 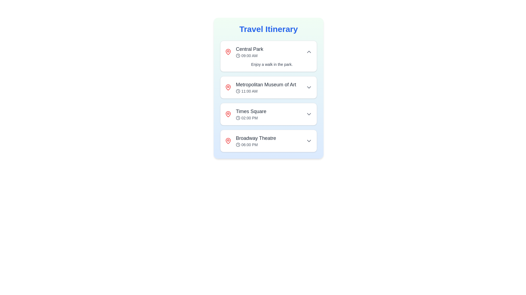 I want to click on the decorative SVG circle shape representing a clock icon, located within the travel itinerary layout, so click(x=238, y=56).